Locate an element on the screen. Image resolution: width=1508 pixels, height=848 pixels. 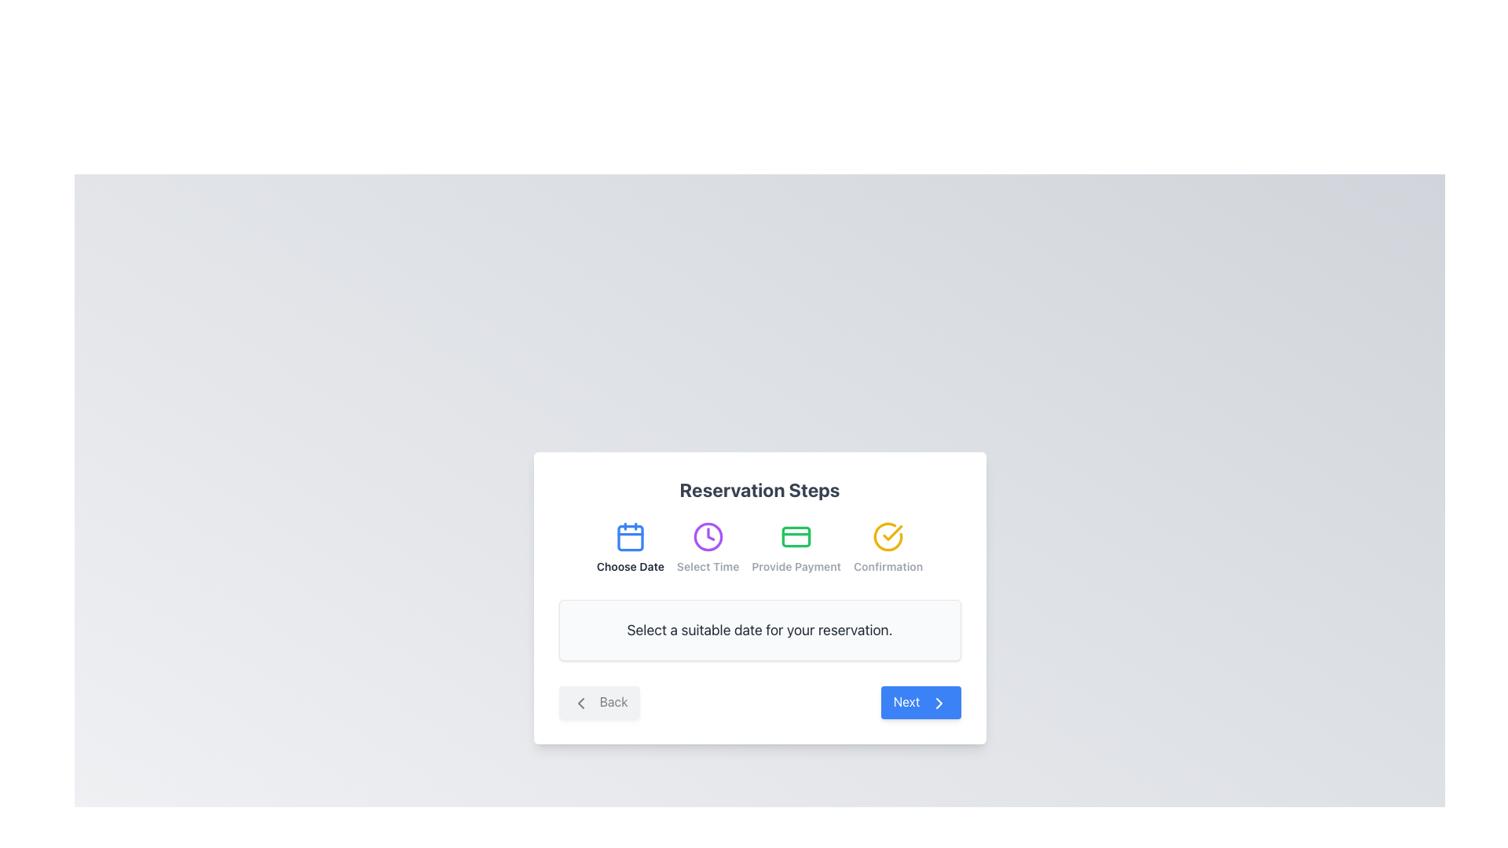
the 'Select Time' text label, which is displayed in a bold sans-serif font and positioned below a purple clock icon in the reservation interface is located at coordinates (707, 567).